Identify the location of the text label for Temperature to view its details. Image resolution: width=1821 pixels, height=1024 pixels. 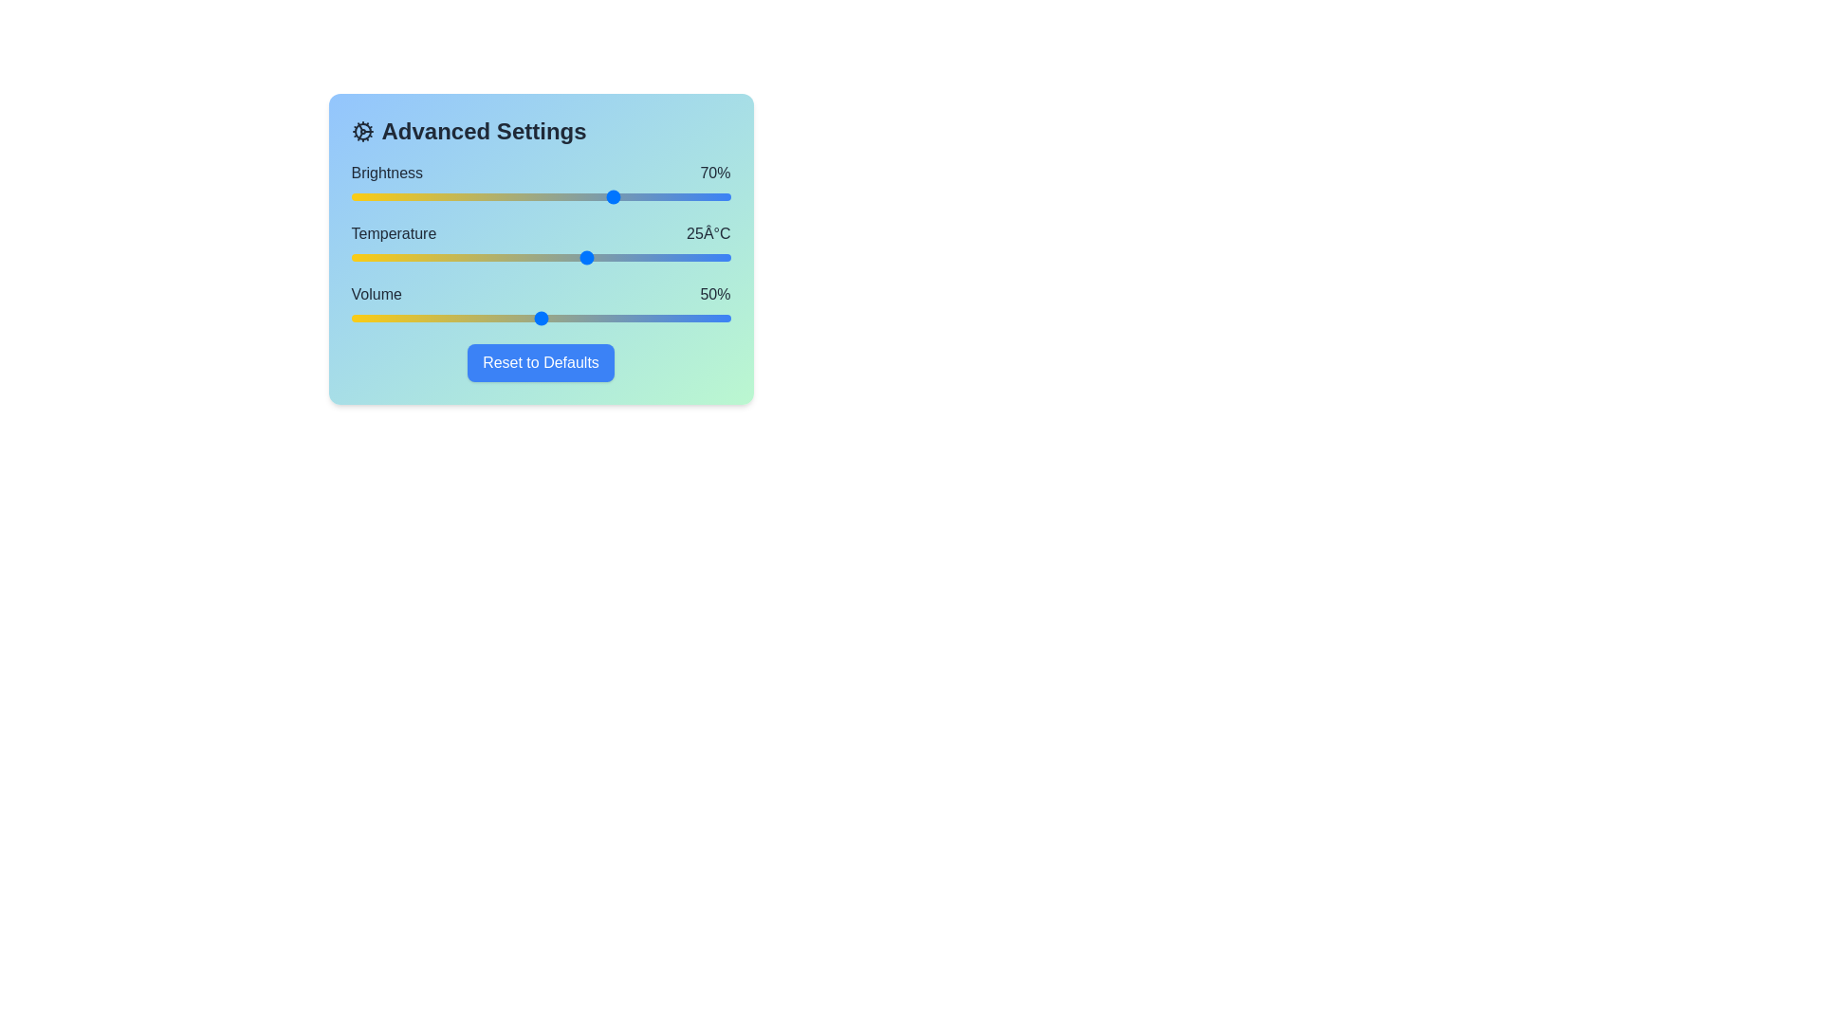
(392, 232).